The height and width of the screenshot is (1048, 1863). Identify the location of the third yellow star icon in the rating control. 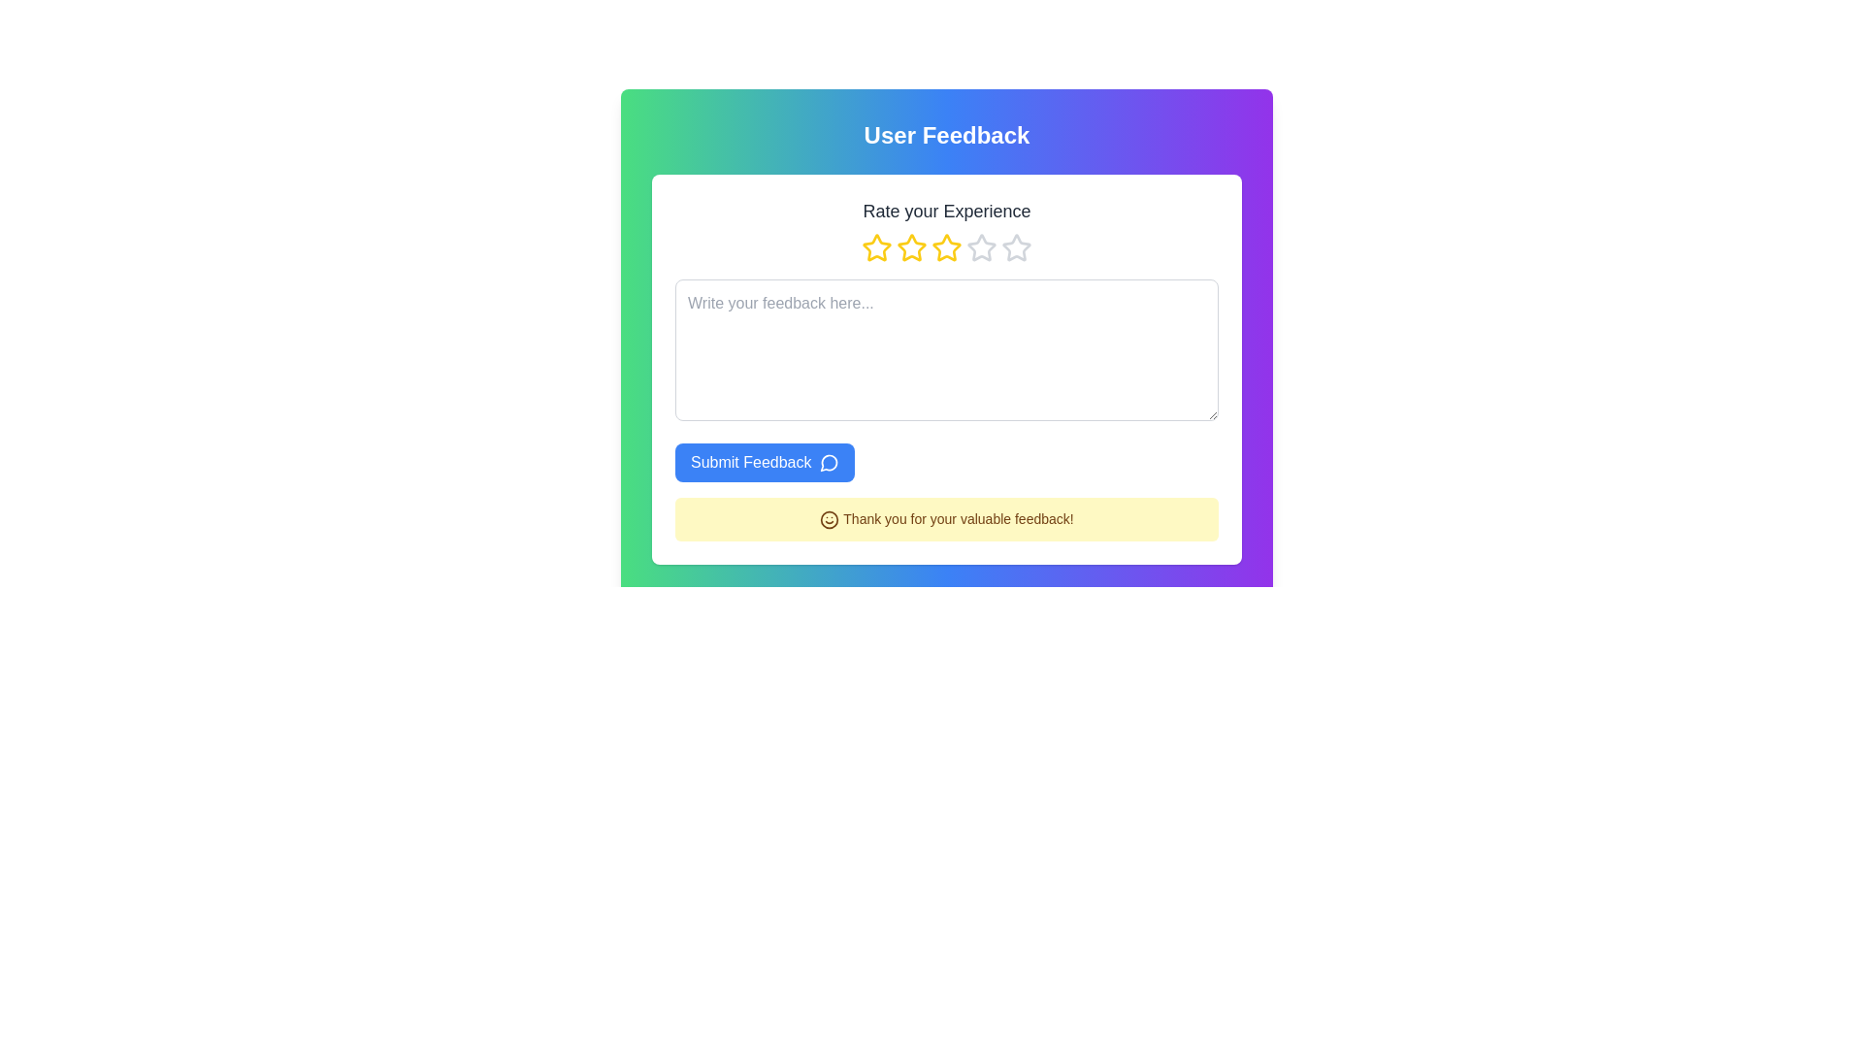
(911, 246).